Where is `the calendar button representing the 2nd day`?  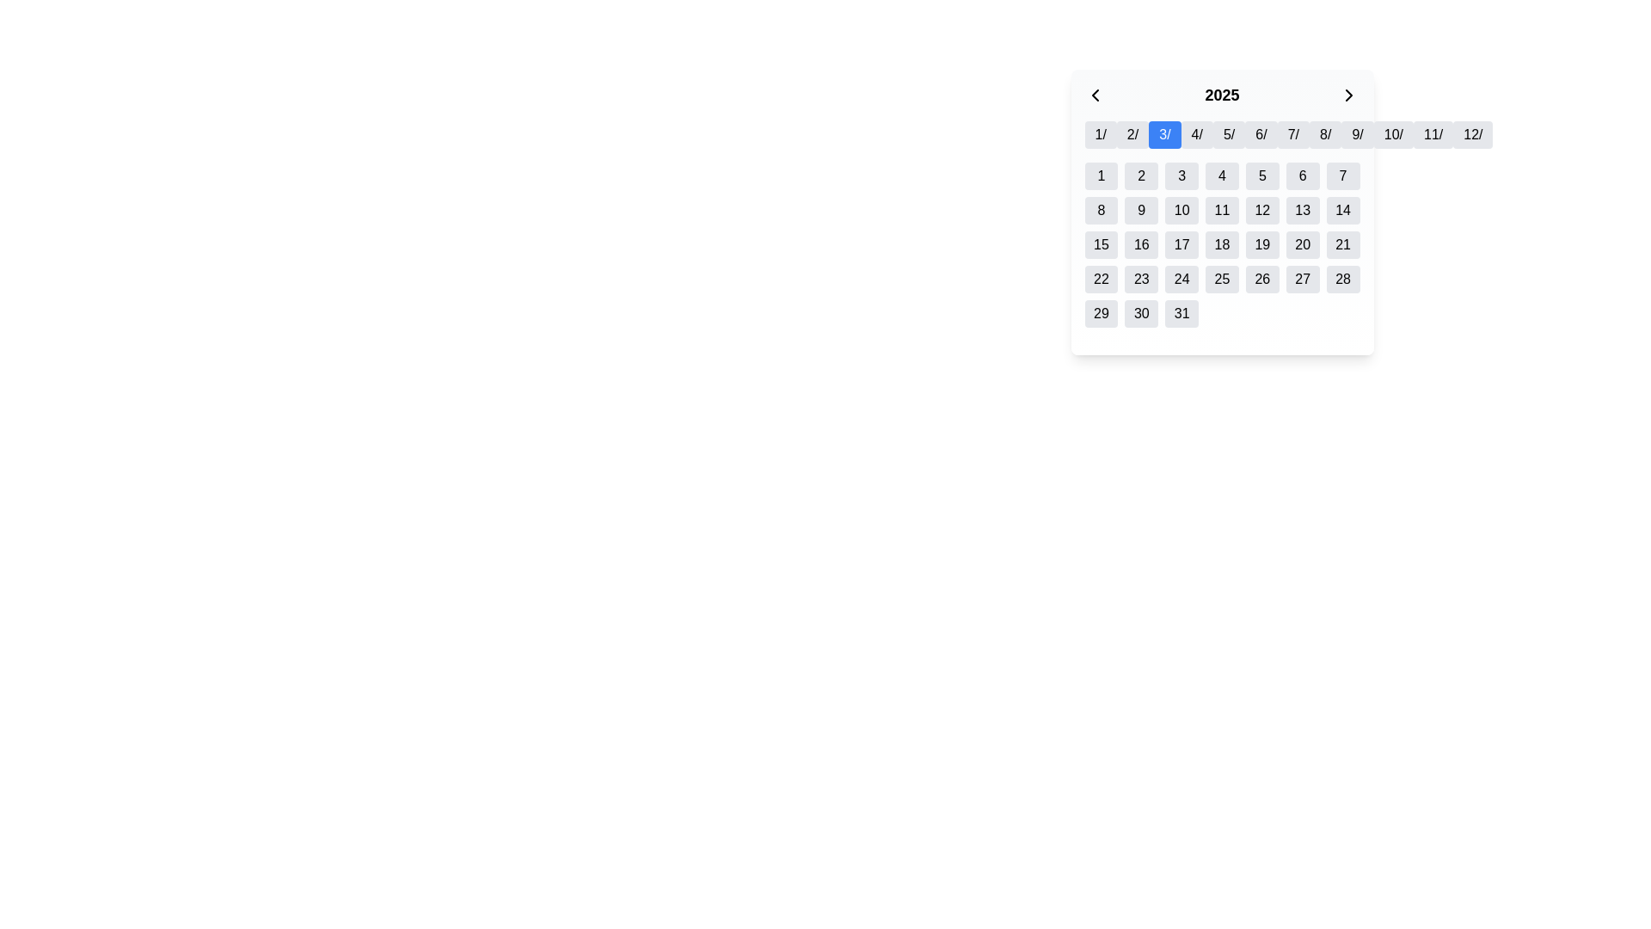 the calendar button representing the 2nd day is located at coordinates (1141, 175).